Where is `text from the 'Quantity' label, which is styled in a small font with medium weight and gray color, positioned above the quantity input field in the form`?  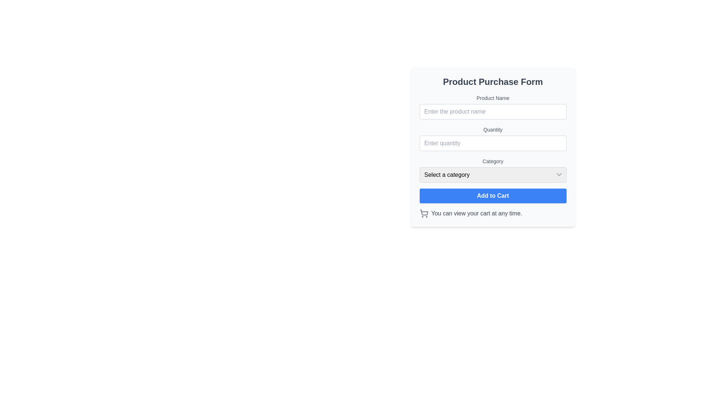 text from the 'Quantity' label, which is styled in a small font with medium weight and gray color, positioned above the quantity input field in the form is located at coordinates (493, 129).